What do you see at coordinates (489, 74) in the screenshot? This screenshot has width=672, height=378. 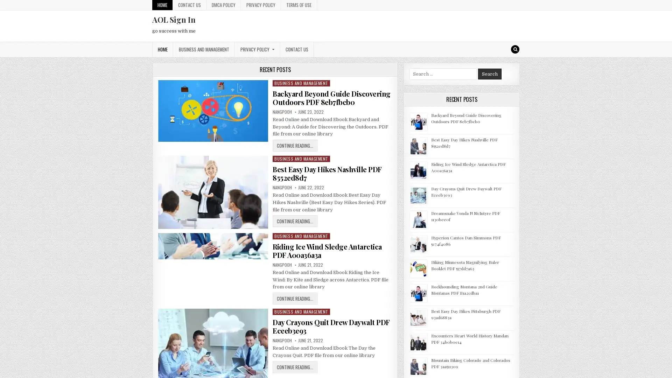 I see `Search` at bounding box center [489, 74].